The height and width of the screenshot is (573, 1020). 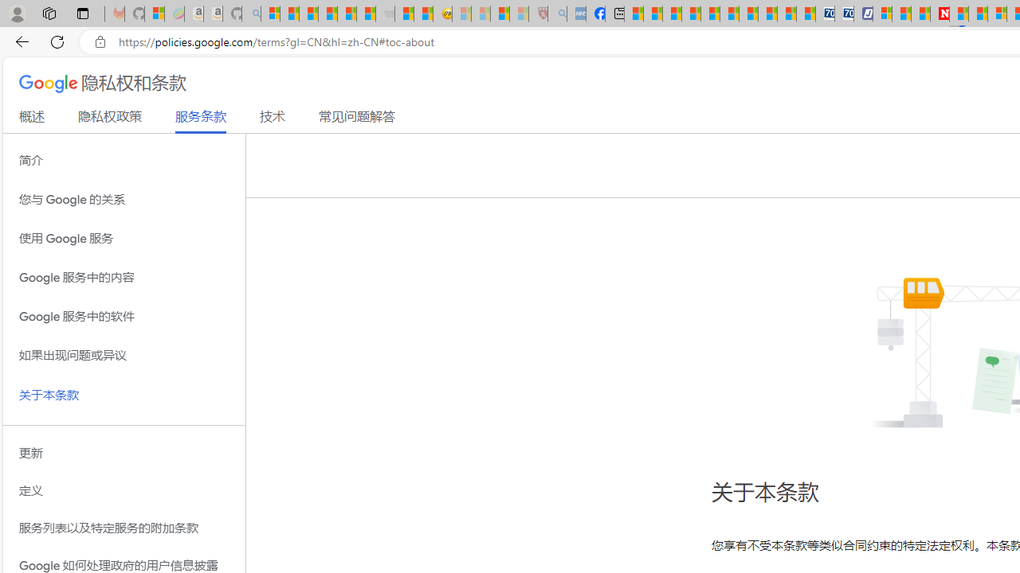 I want to click on 'The Weather Channel - MSN', so click(x=308, y=14).